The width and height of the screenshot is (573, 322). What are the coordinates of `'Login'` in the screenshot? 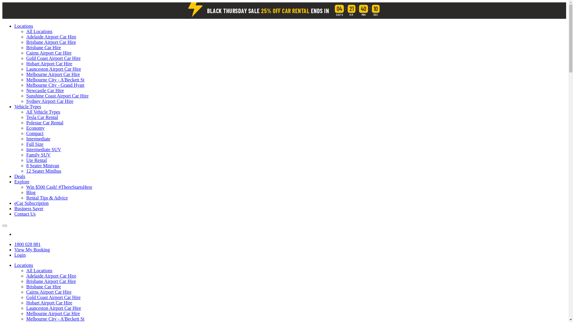 It's located at (20, 255).